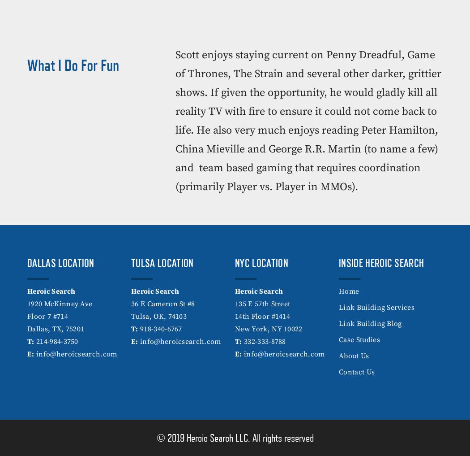 The image size is (470, 456). I want to click on 'Inside Heroic Search', so click(381, 262).